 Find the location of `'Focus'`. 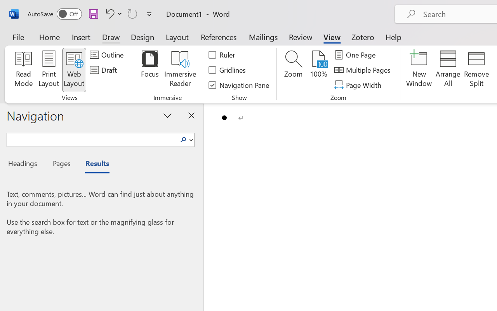

'Focus' is located at coordinates (149, 70).